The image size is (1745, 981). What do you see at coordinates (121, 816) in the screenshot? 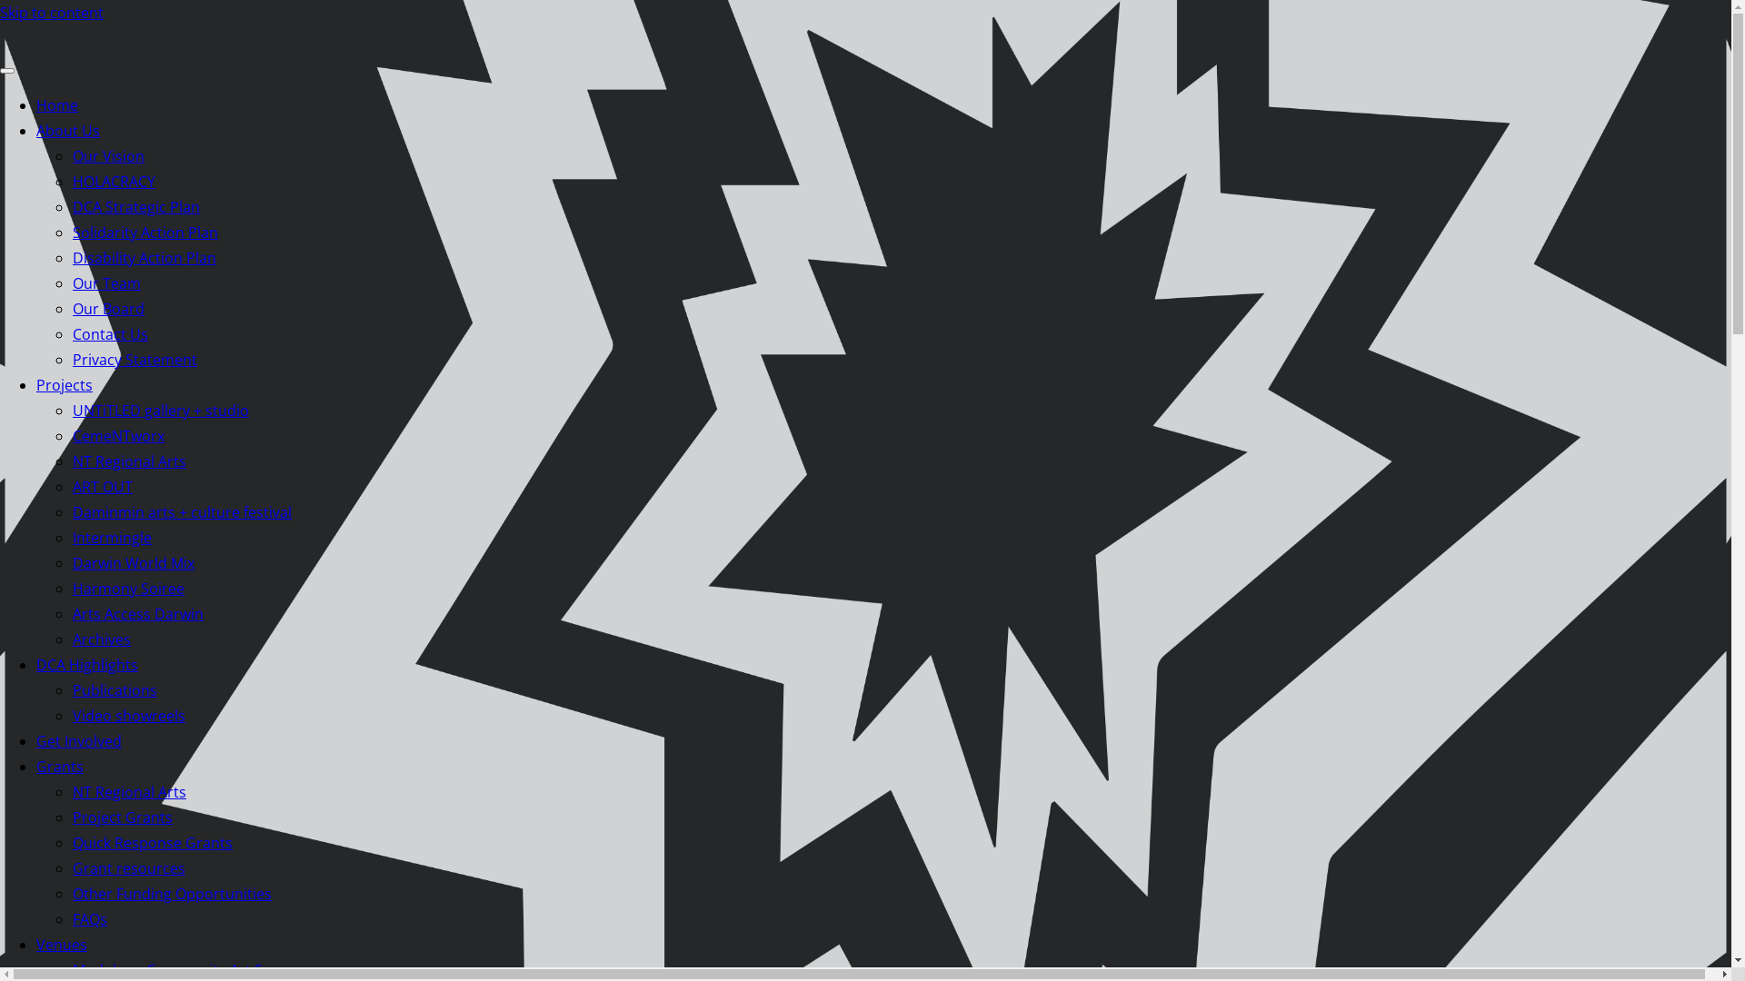
I see `'Project Grants'` at bounding box center [121, 816].